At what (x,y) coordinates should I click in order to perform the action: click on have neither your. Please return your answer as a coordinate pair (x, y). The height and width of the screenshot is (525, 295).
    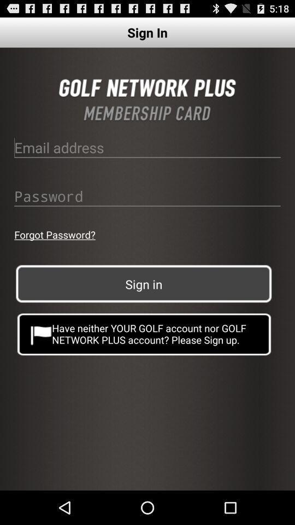
    Looking at the image, I should click on (144, 333).